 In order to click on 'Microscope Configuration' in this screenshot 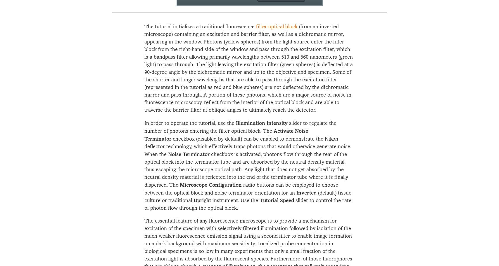, I will do `click(210, 184)`.